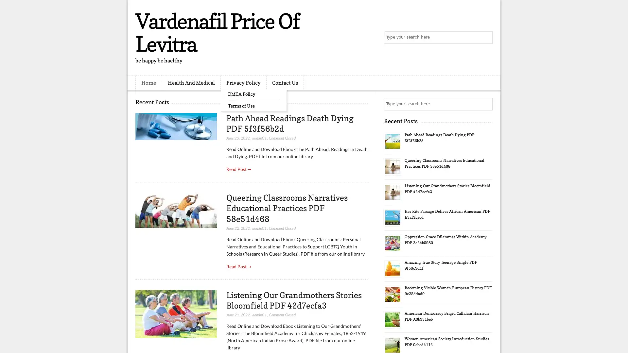 The width and height of the screenshot is (628, 353). I want to click on Search, so click(486, 104).